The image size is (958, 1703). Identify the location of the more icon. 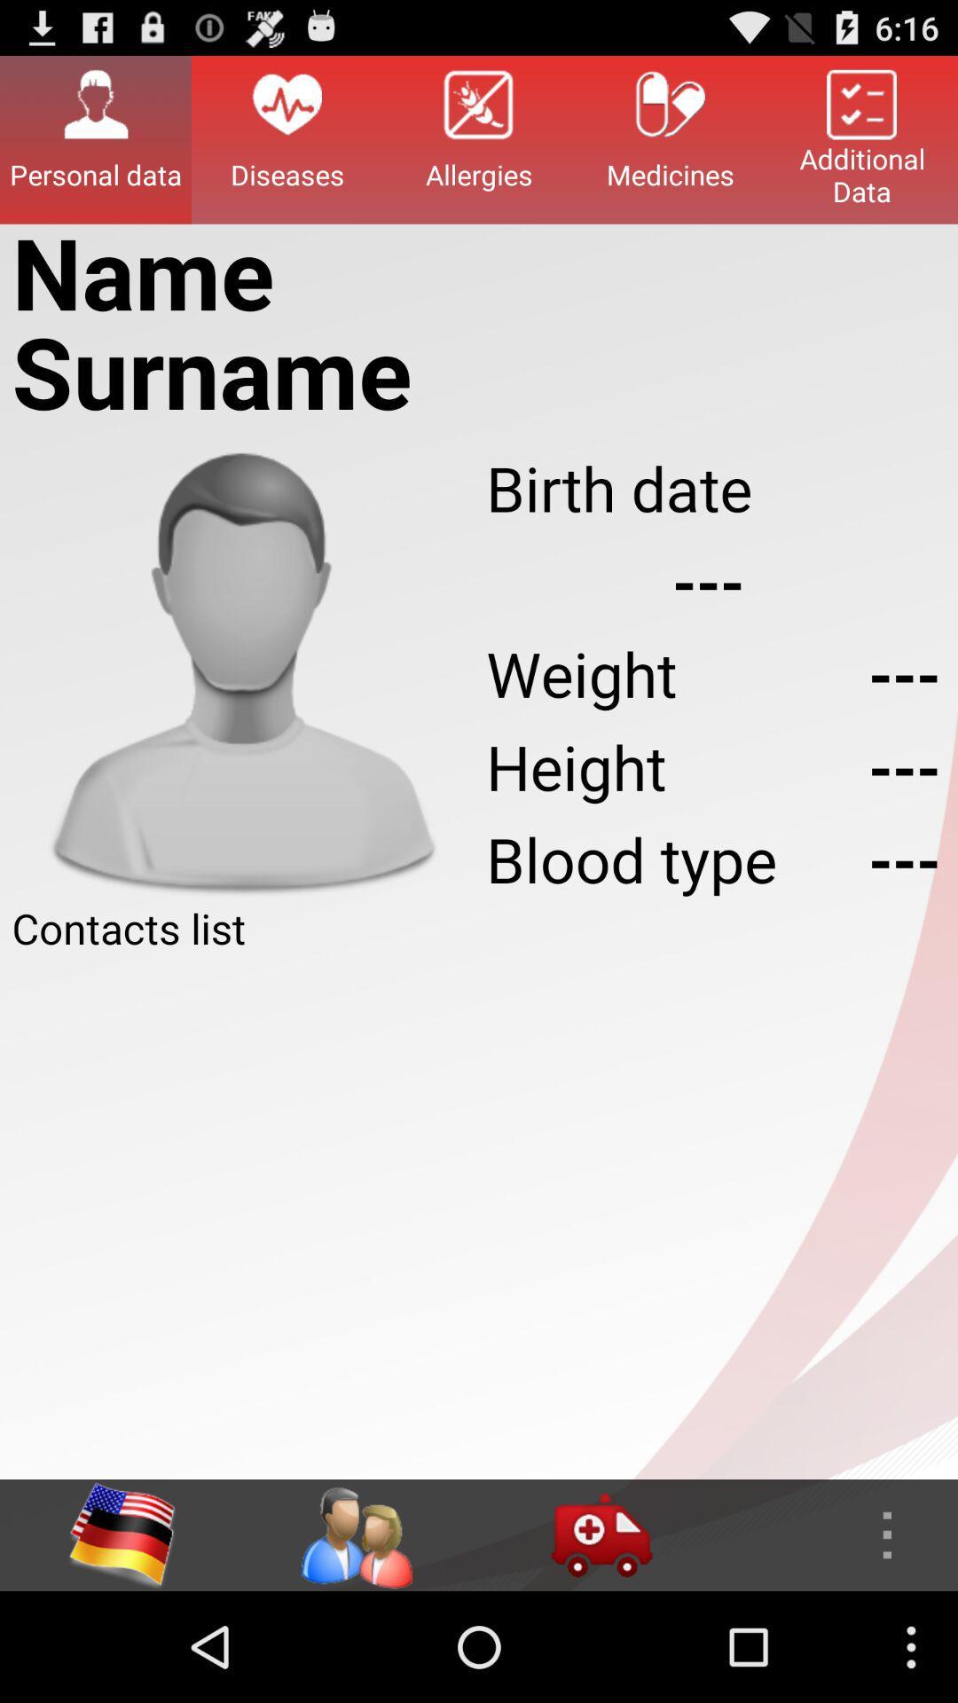
(835, 1642).